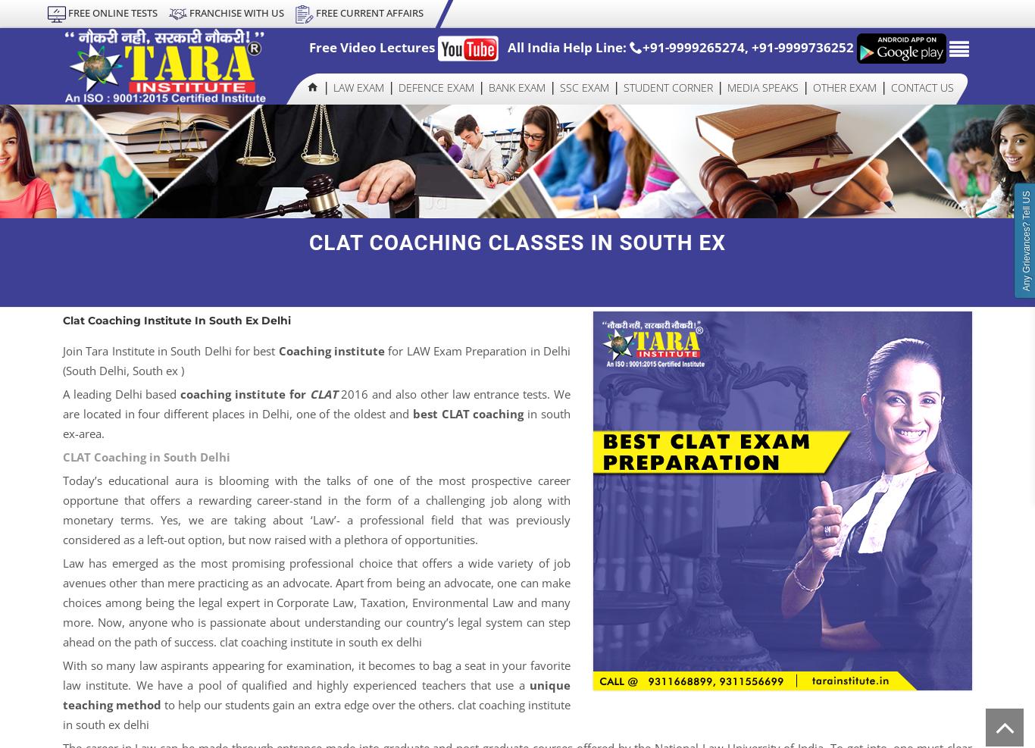 The width and height of the screenshot is (1035, 748). Describe the element at coordinates (668, 338) in the screenshot. I see `'Current Affairs'` at that location.